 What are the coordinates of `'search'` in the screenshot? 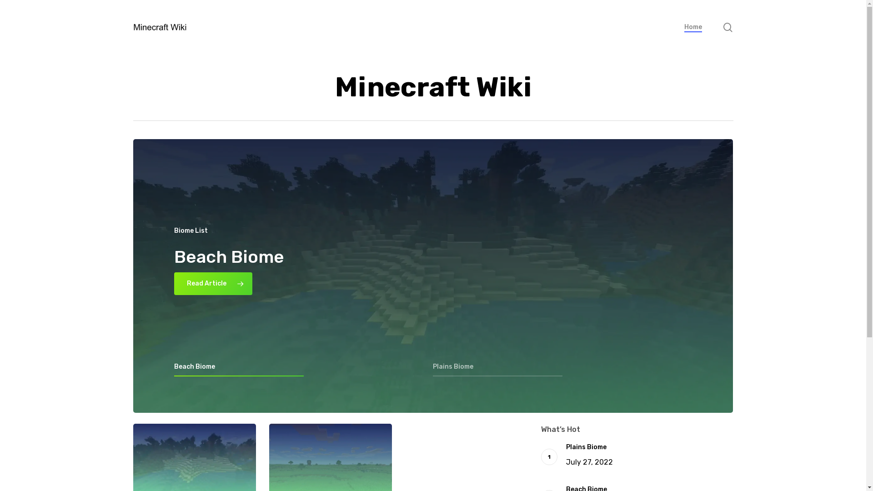 It's located at (727, 27).